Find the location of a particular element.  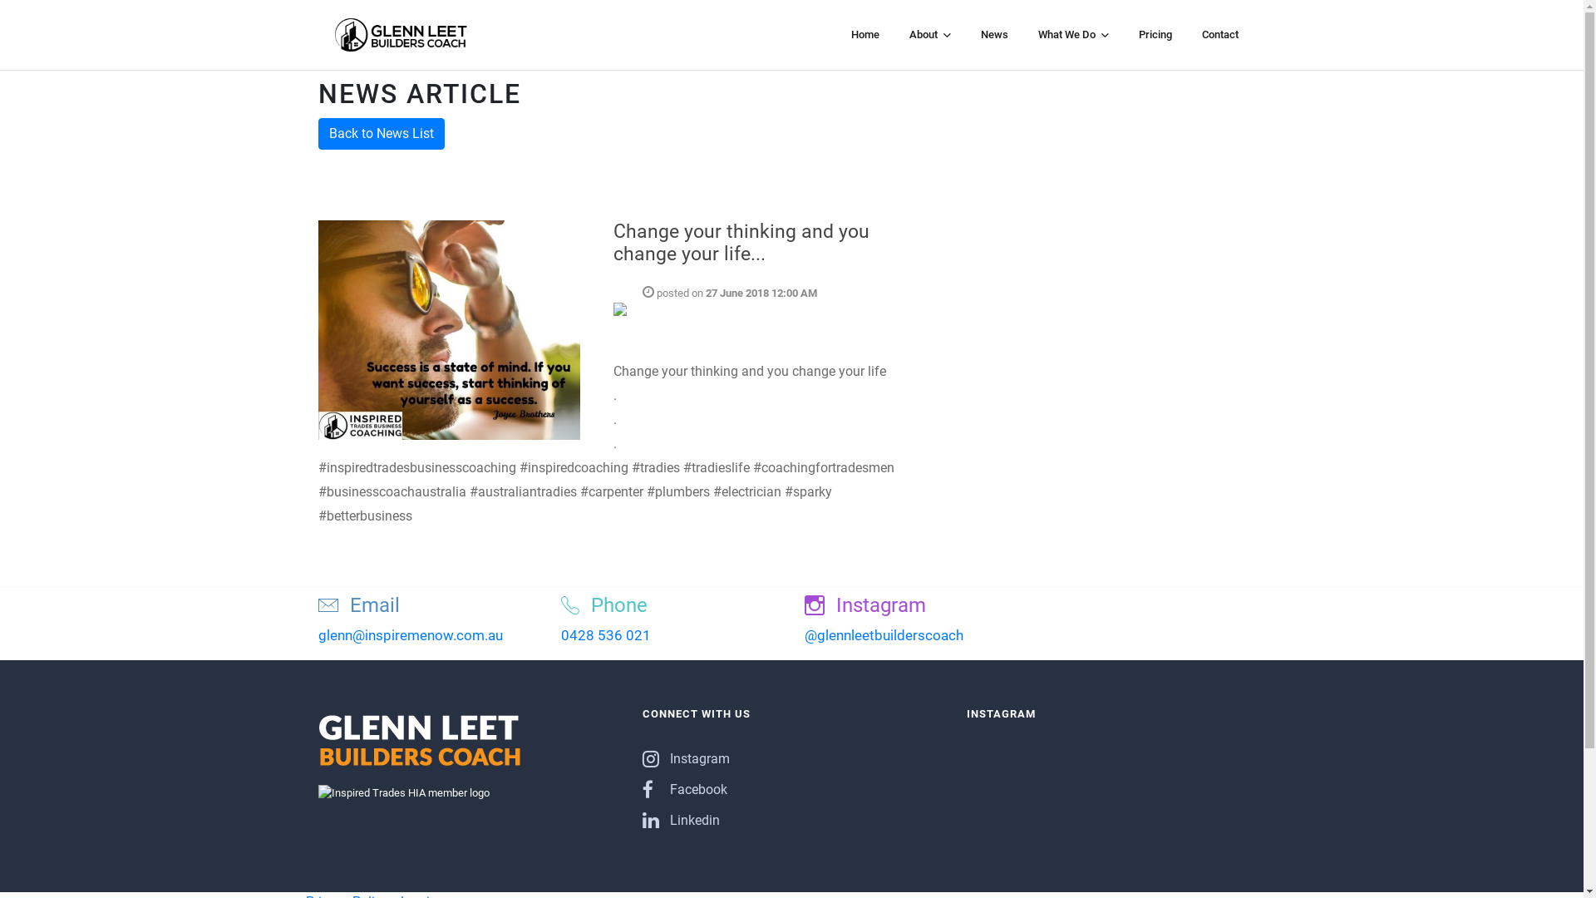

'Home' is located at coordinates (864, 35).